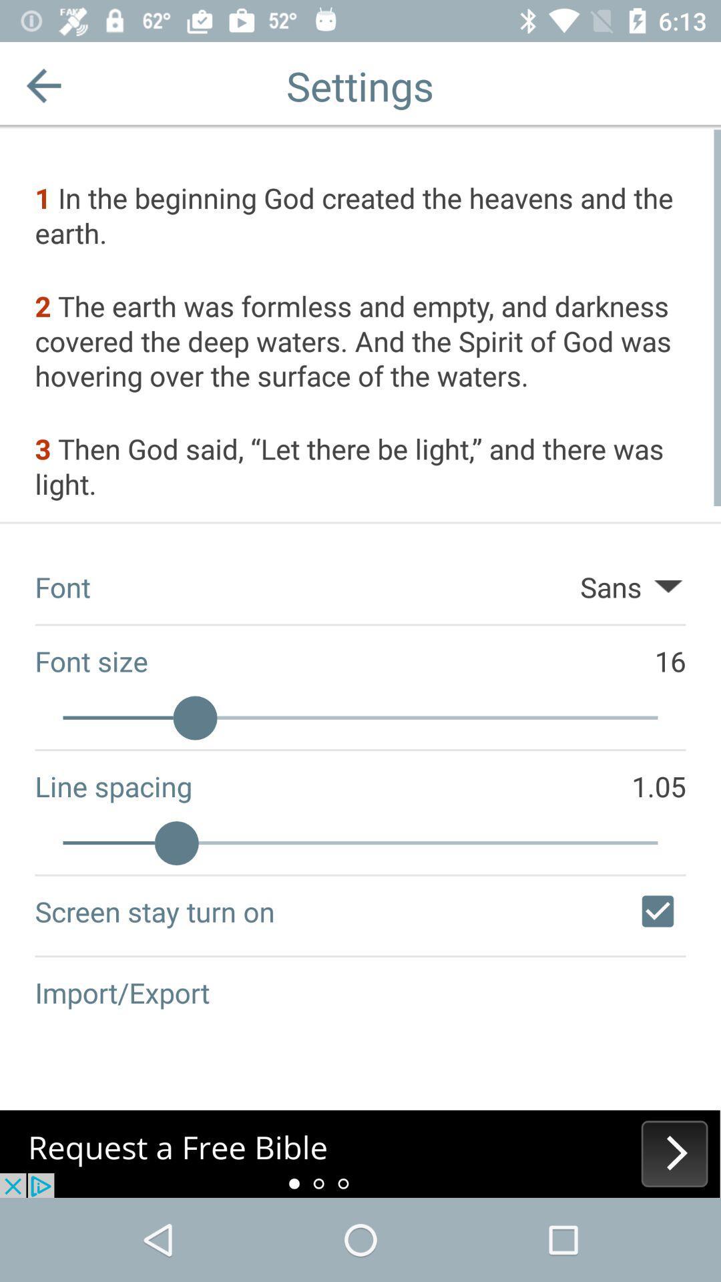 Image resolution: width=721 pixels, height=1282 pixels. I want to click on screen stay turned on off or on, so click(657, 910).